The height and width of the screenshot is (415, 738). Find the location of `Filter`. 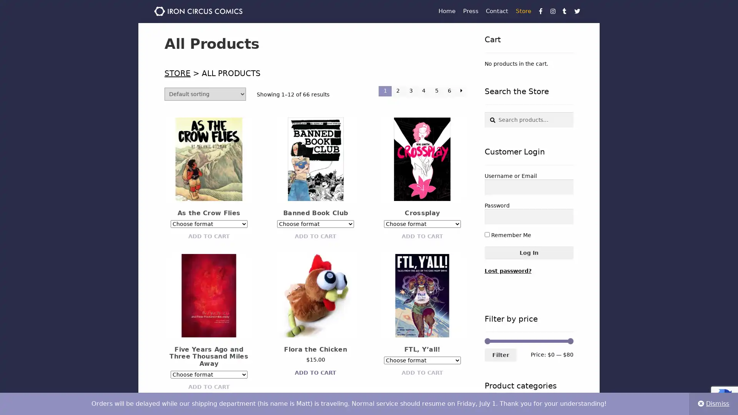

Filter is located at coordinates (500, 355).